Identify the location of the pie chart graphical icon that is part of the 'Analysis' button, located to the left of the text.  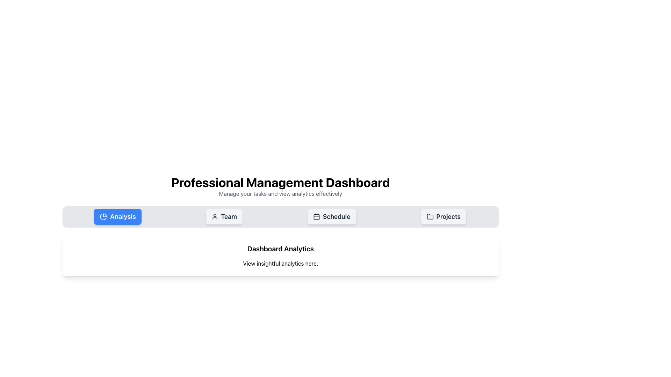
(103, 216).